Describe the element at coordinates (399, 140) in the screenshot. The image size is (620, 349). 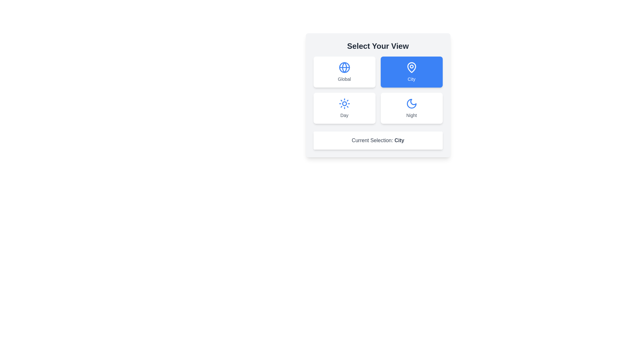
I see `the text label displaying 'City' at the end of the phrase 'Current Selection: City' in dark blue color` at that location.